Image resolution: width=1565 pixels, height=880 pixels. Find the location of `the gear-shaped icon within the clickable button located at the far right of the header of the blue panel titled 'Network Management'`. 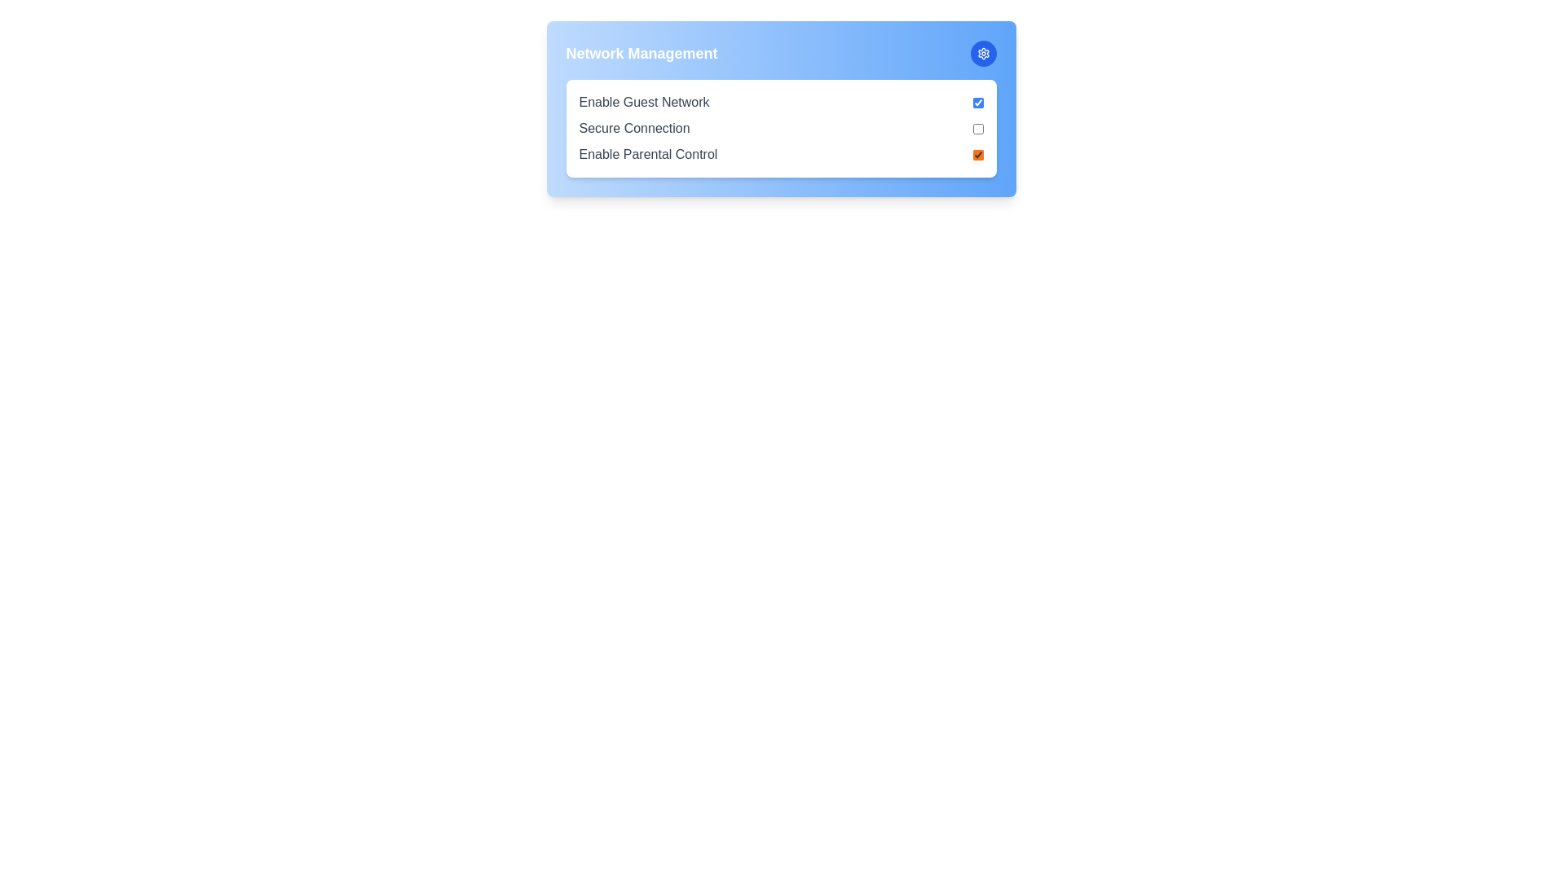

the gear-shaped icon within the clickable button located at the far right of the header of the blue panel titled 'Network Management' is located at coordinates (982, 52).